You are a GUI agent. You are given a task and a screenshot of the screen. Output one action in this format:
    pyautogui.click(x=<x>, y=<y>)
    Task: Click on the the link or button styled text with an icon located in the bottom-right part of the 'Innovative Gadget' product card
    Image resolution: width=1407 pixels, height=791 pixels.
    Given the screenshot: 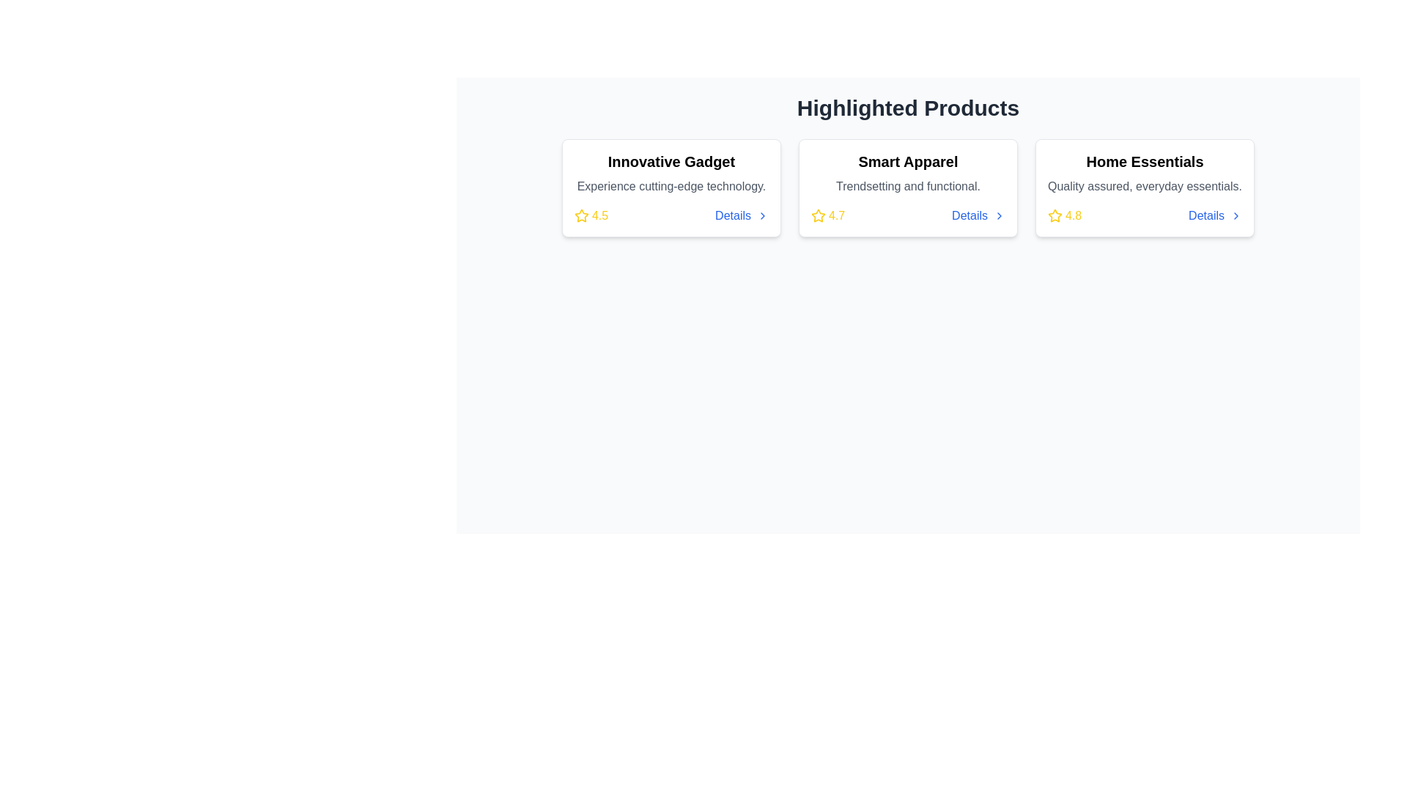 What is the action you would take?
    pyautogui.click(x=742, y=215)
    